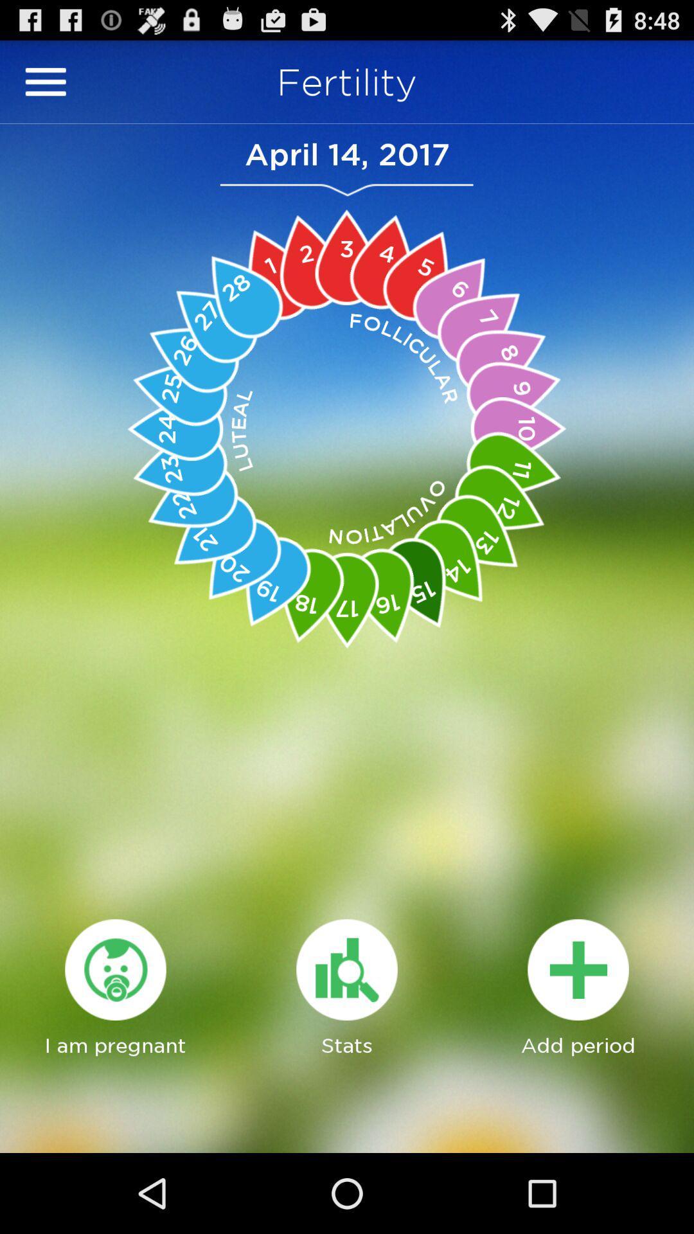  Describe the element at coordinates (347, 257) in the screenshot. I see `3 in the red color` at that location.